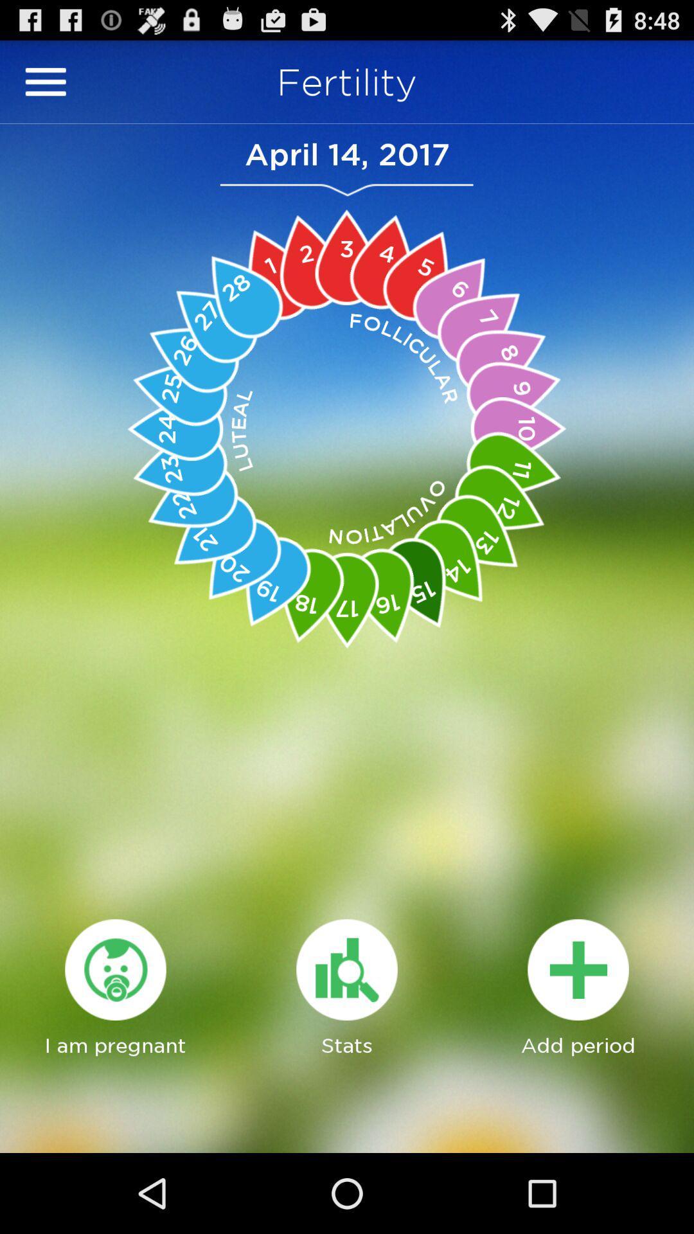  Describe the element at coordinates (347, 257) in the screenshot. I see `3 in the red color` at that location.